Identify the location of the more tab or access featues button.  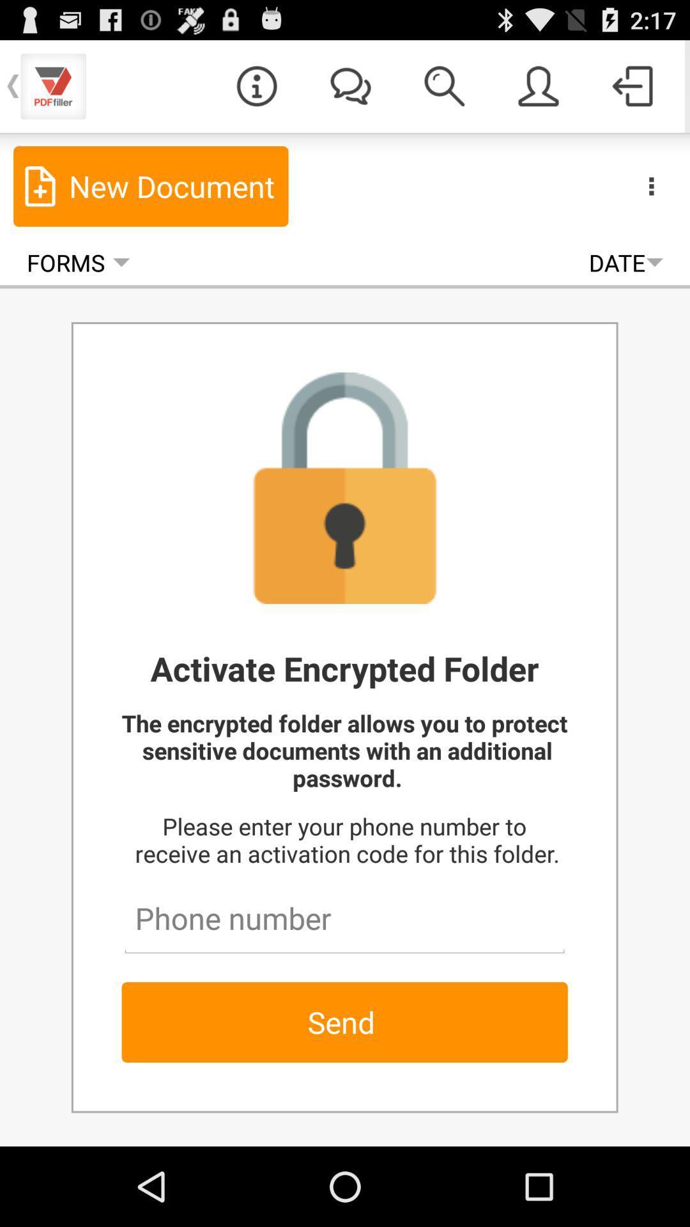
(651, 185).